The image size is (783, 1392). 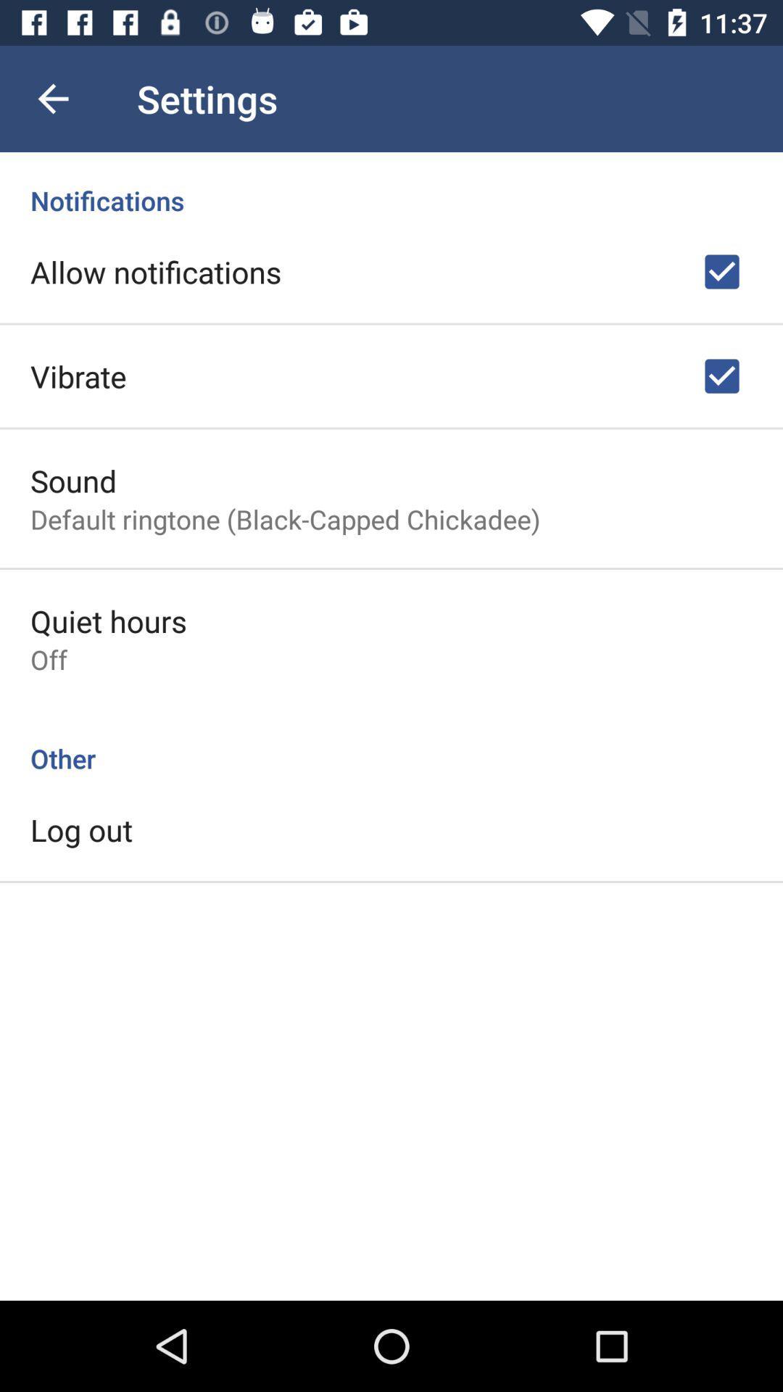 I want to click on icon above off icon, so click(x=108, y=621).